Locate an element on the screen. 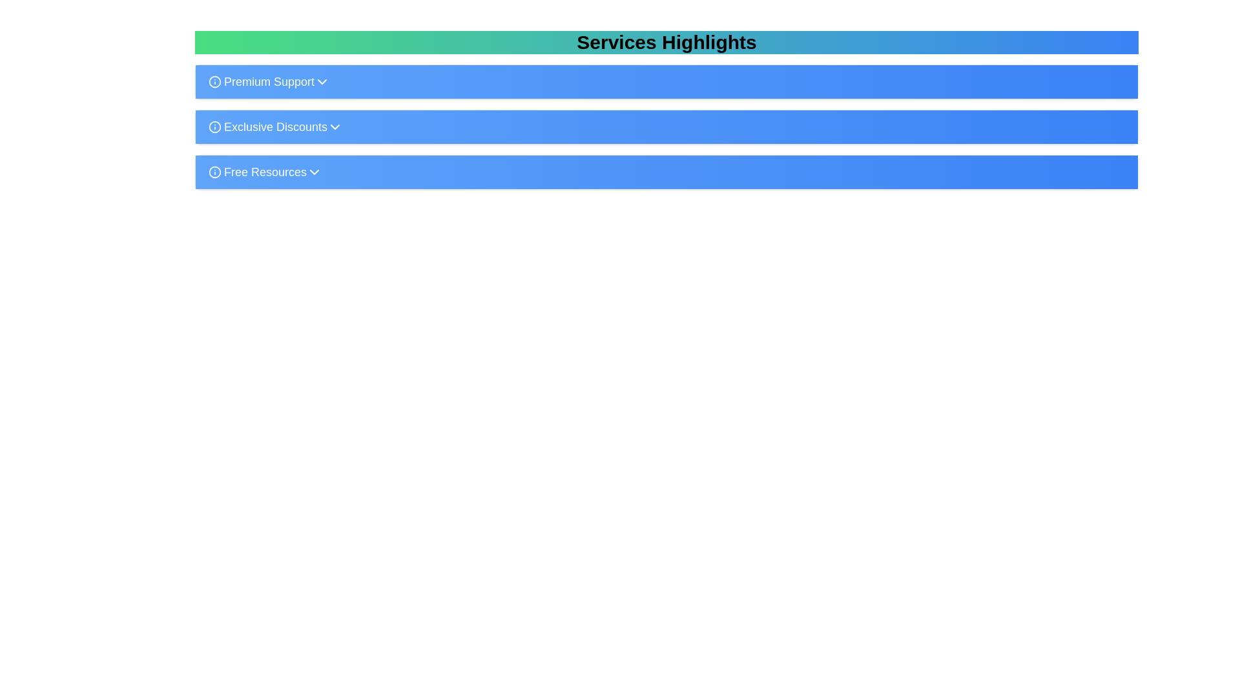 This screenshot has height=697, width=1240. text of the 'Premium Support' label, which is styled with medium-weight font and is part of a blue background bar under the header 'Services Highlights' is located at coordinates (261, 82).